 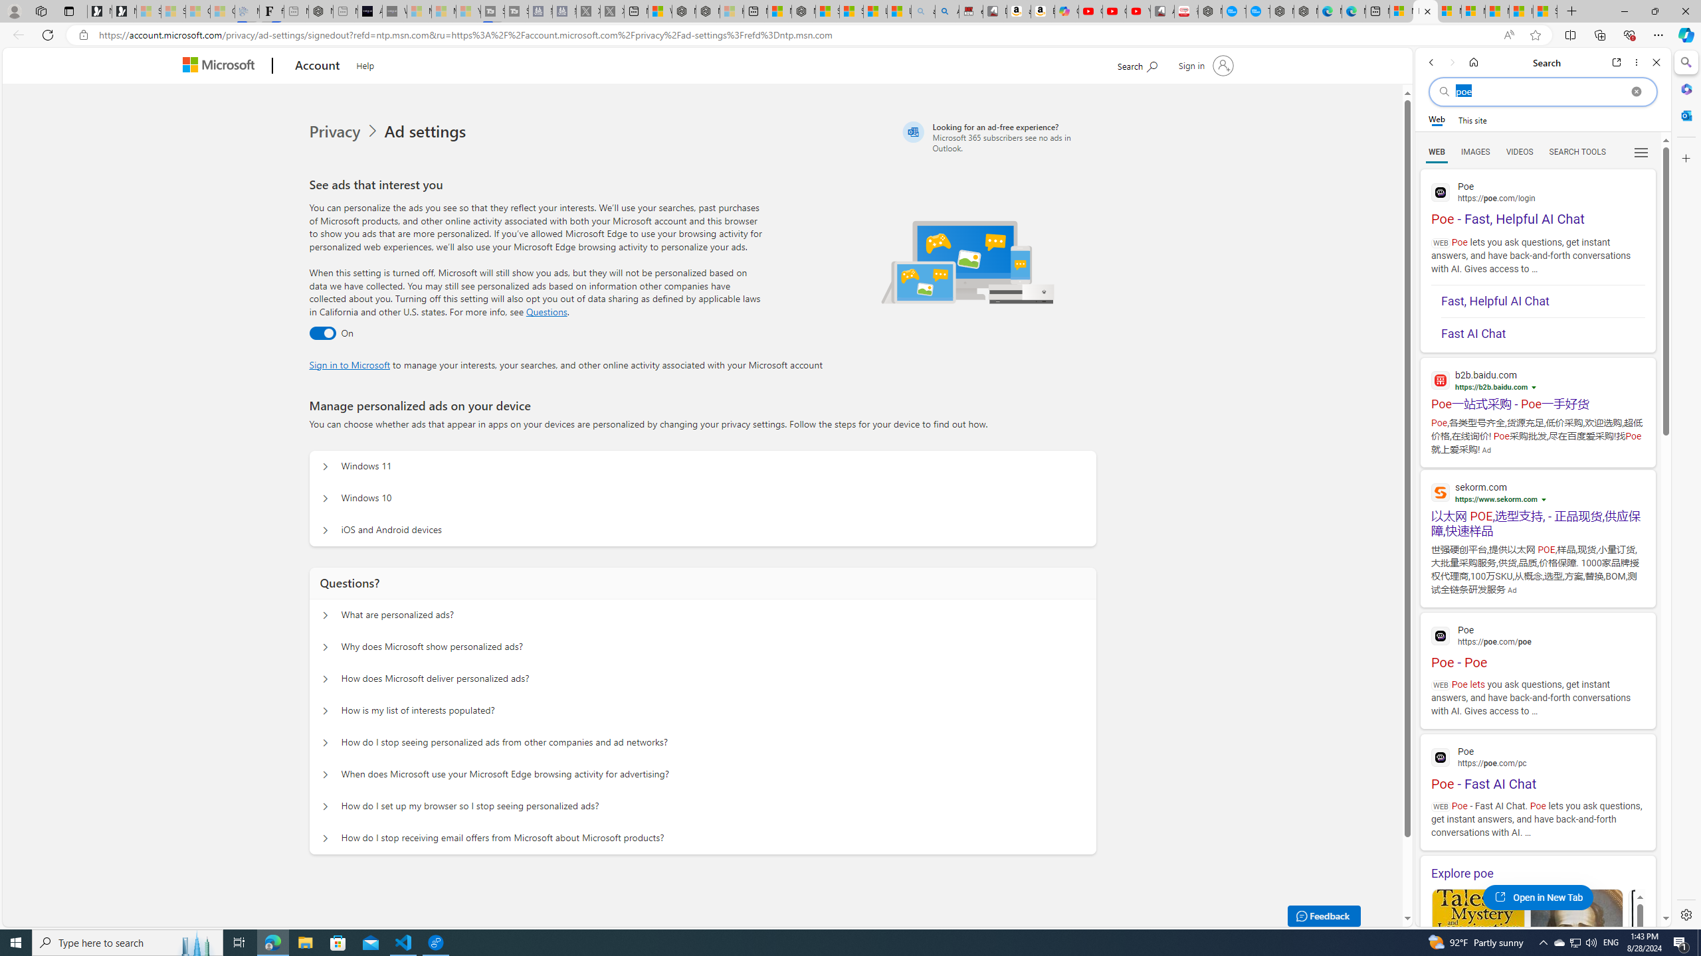 I want to click on 'Preferences', so click(x=1641, y=151).